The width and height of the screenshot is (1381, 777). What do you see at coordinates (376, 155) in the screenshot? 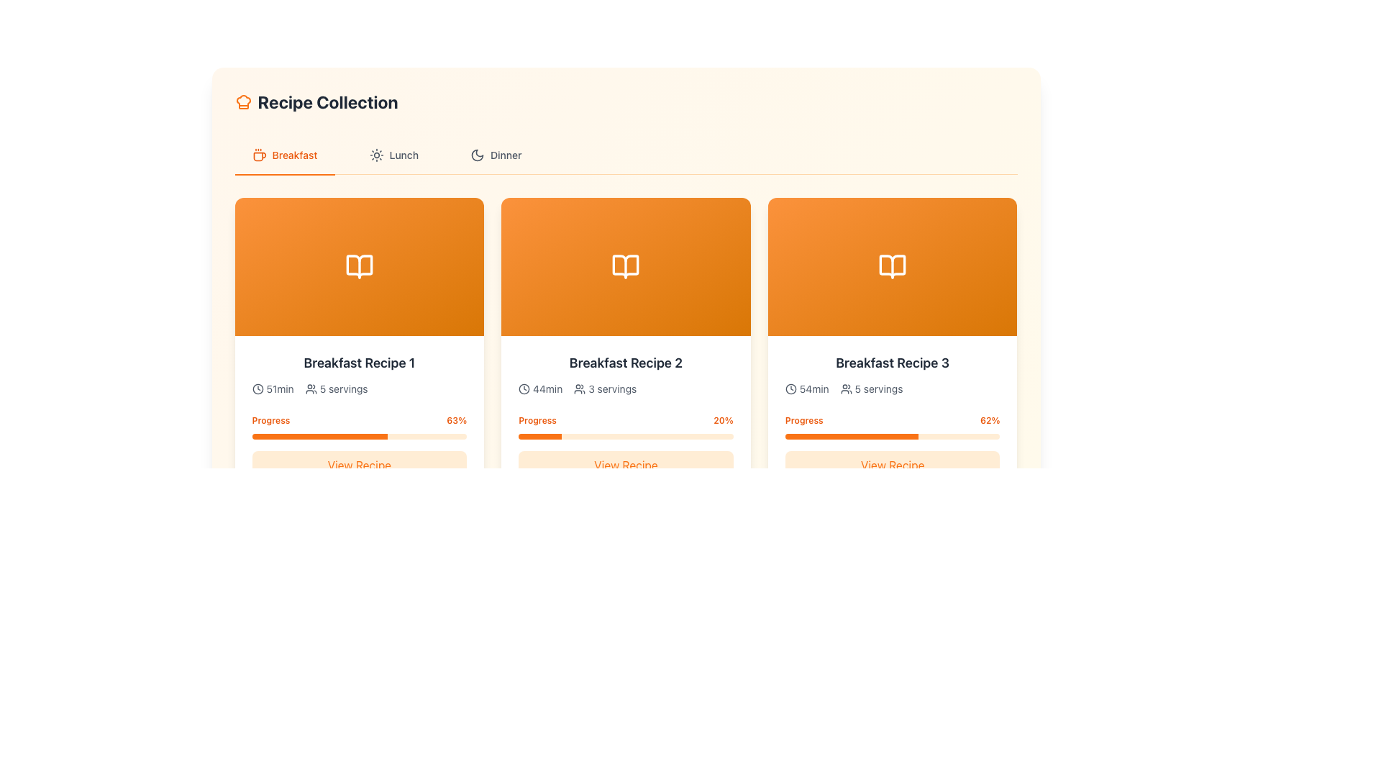
I see `the icon indicating the 'Lunch' tab, which is positioned to the left of the 'Lunch' text label in the navigation bar` at bounding box center [376, 155].